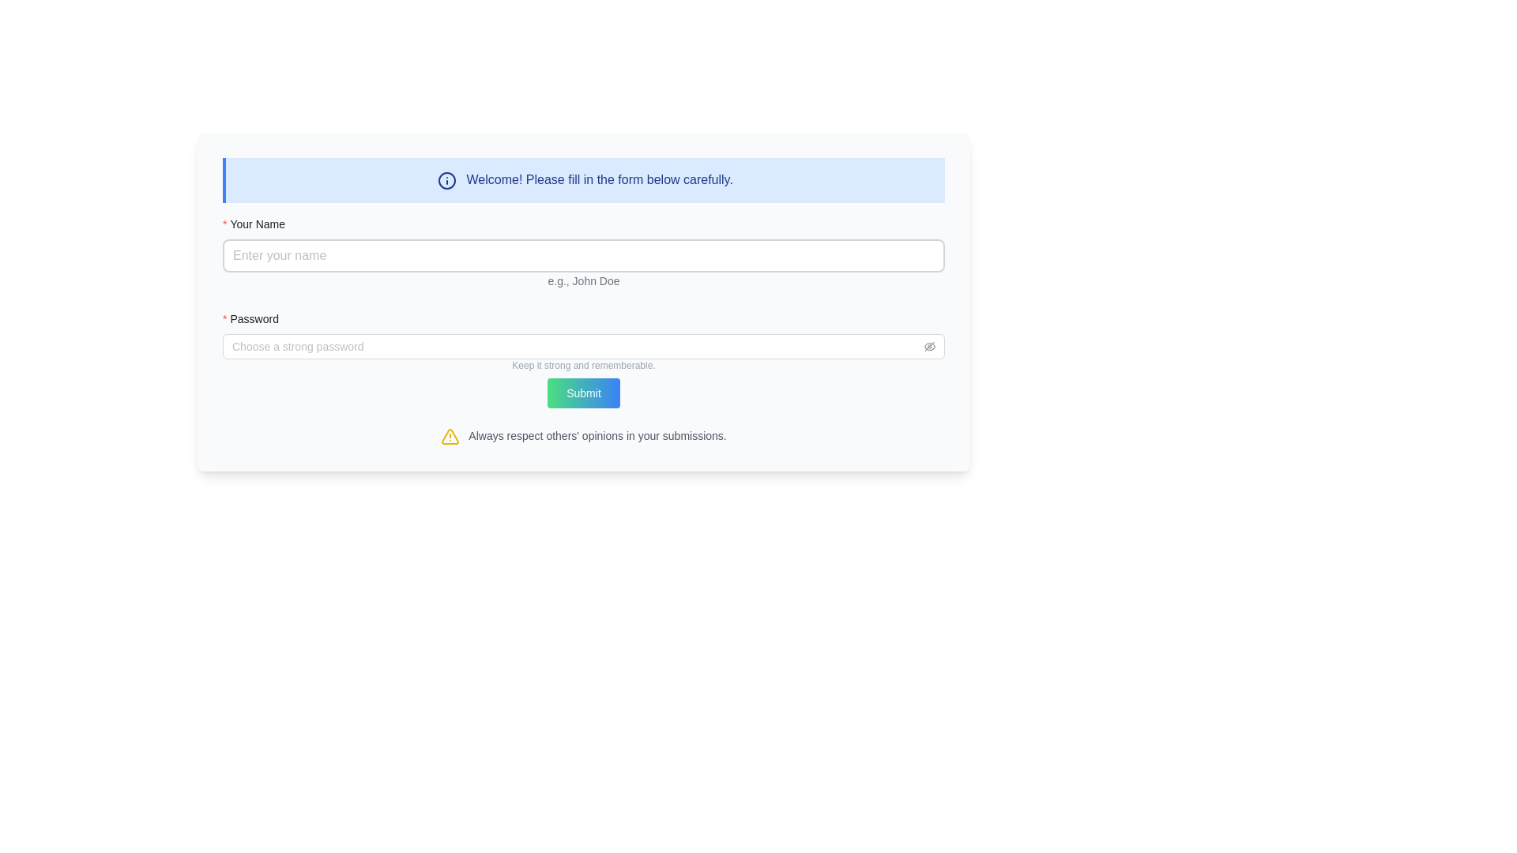 The width and height of the screenshot is (1517, 853). Describe the element at coordinates (450, 436) in the screenshot. I see `the yellow triangular icon located to the left of the sentence 'Always respect others' opinions in your submissions.'` at that location.